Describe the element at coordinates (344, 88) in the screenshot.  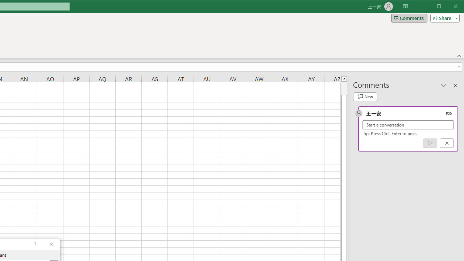
I see `'Page up'` at that location.